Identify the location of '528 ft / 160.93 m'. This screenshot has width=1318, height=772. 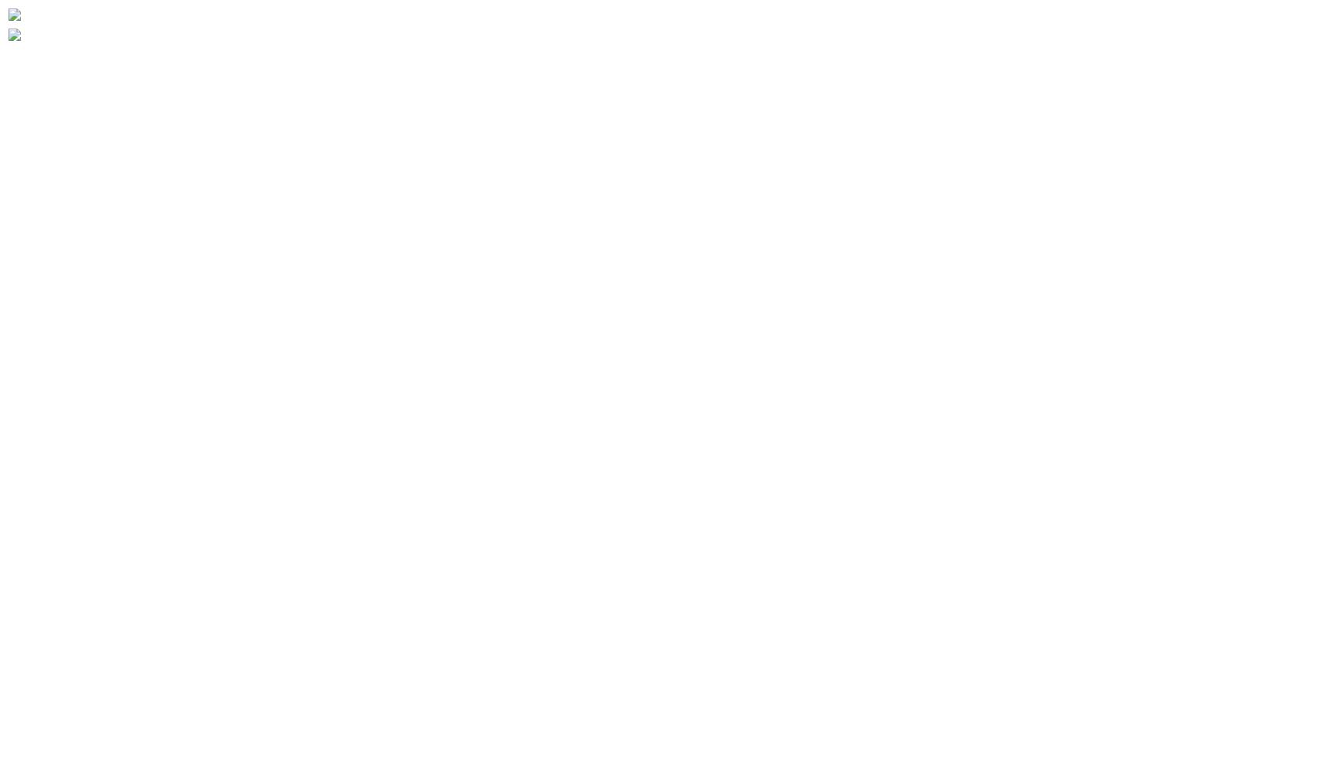
(87, 489).